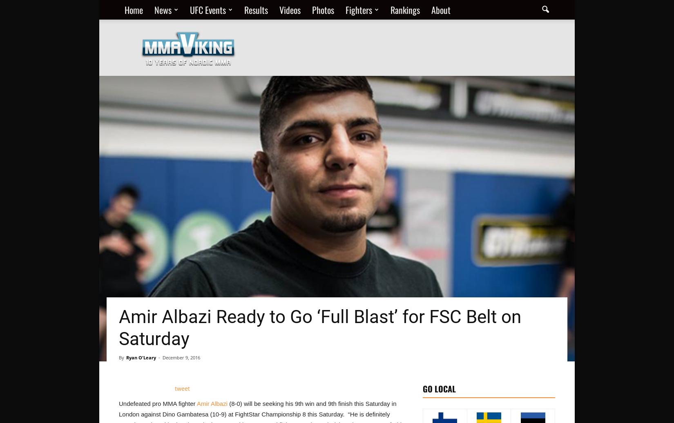  I want to click on 'Ryan O'Leary', so click(141, 357).